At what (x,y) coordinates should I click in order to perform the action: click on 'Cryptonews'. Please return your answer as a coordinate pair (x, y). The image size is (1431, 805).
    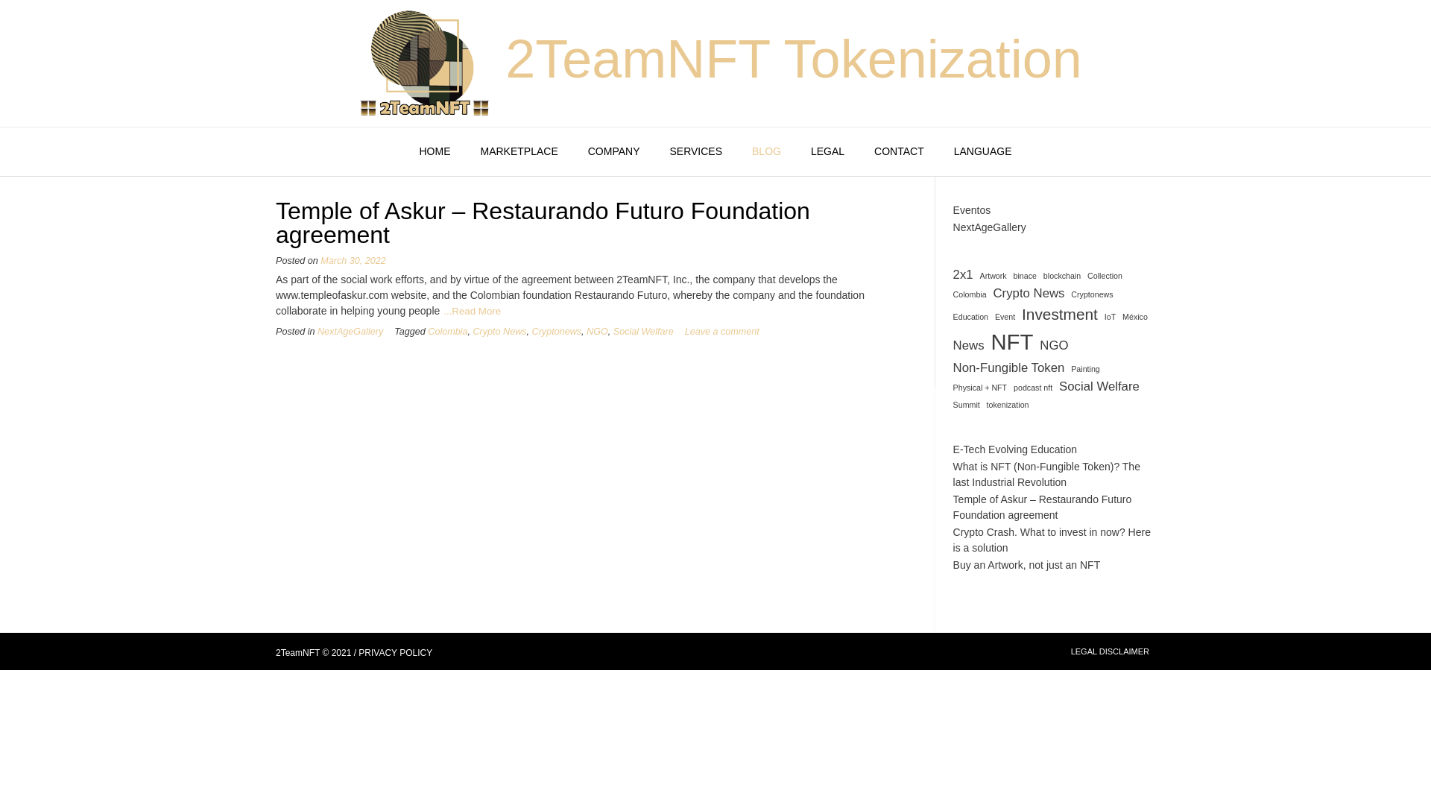
    Looking at the image, I should click on (556, 330).